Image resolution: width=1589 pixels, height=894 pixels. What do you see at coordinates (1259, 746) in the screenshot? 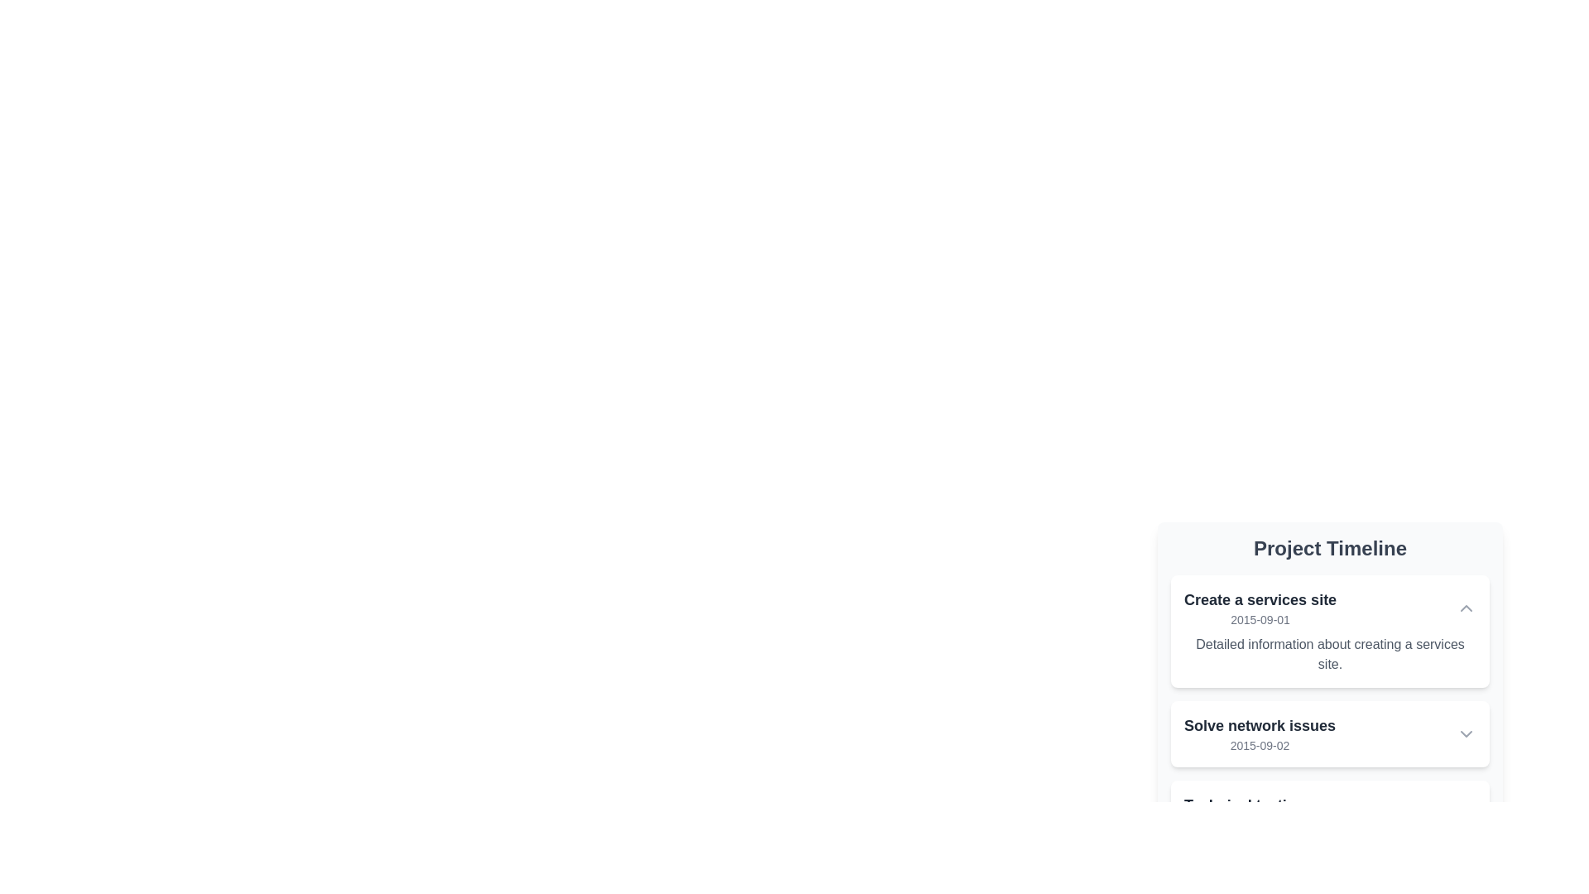
I see `the text label displaying the date '2015-09-02', which is styled as subtext below the heading 'Solve network issues' within the 'Project Timeline' section` at bounding box center [1259, 746].